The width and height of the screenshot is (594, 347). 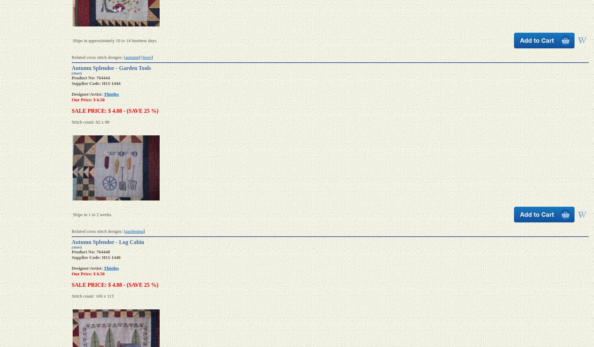 I want to click on 'Stitch count: 169 x 113', so click(x=92, y=296).